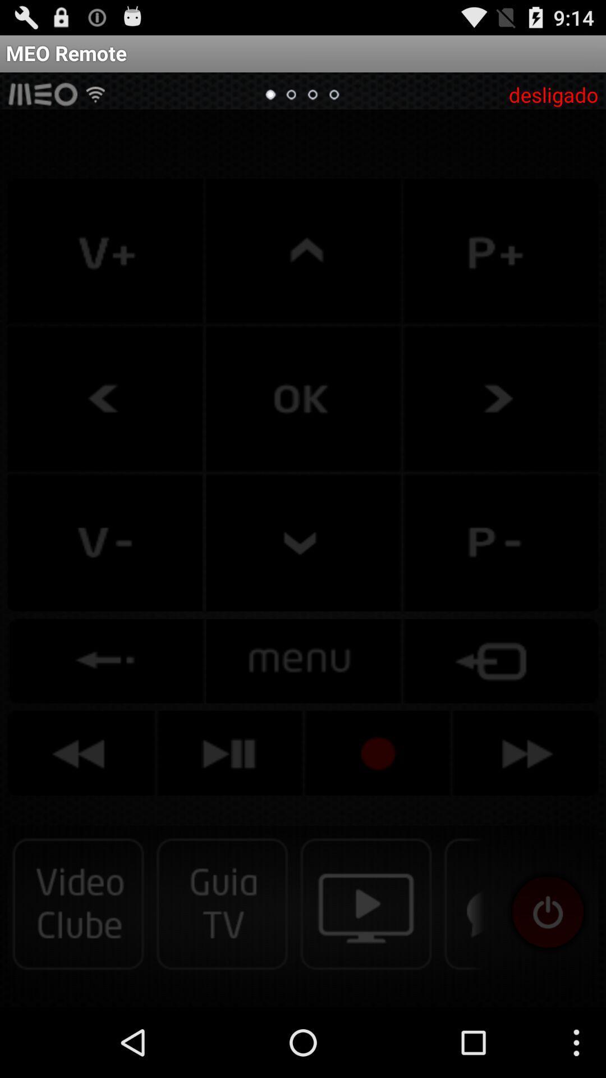  What do you see at coordinates (553, 94) in the screenshot?
I see `icon below the meo remote app` at bounding box center [553, 94].